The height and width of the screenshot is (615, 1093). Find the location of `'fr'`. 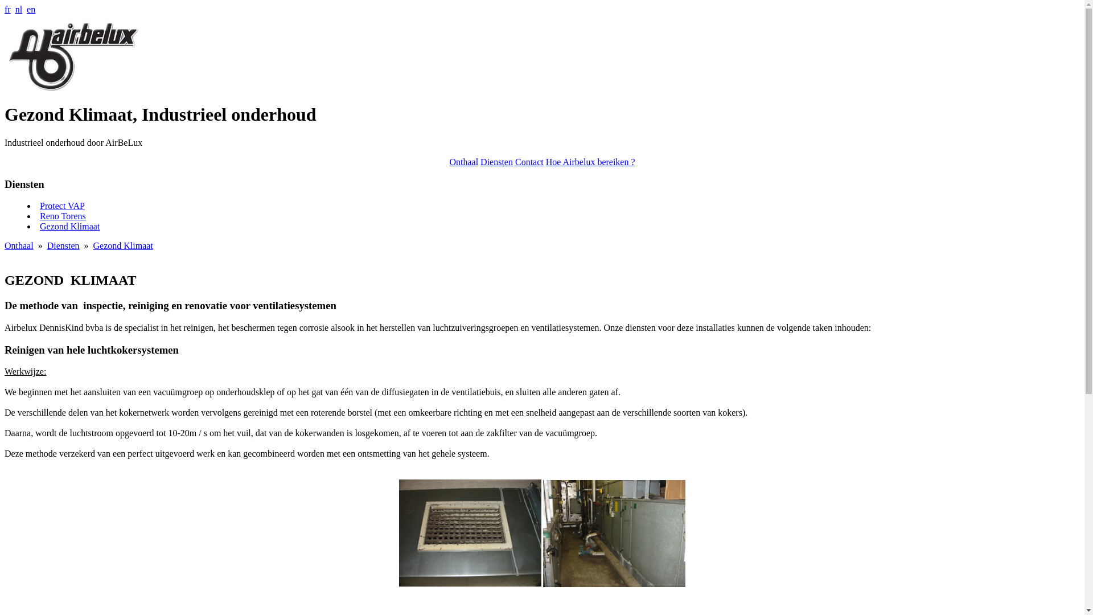

'fr' is located at coordinates (7, 9).